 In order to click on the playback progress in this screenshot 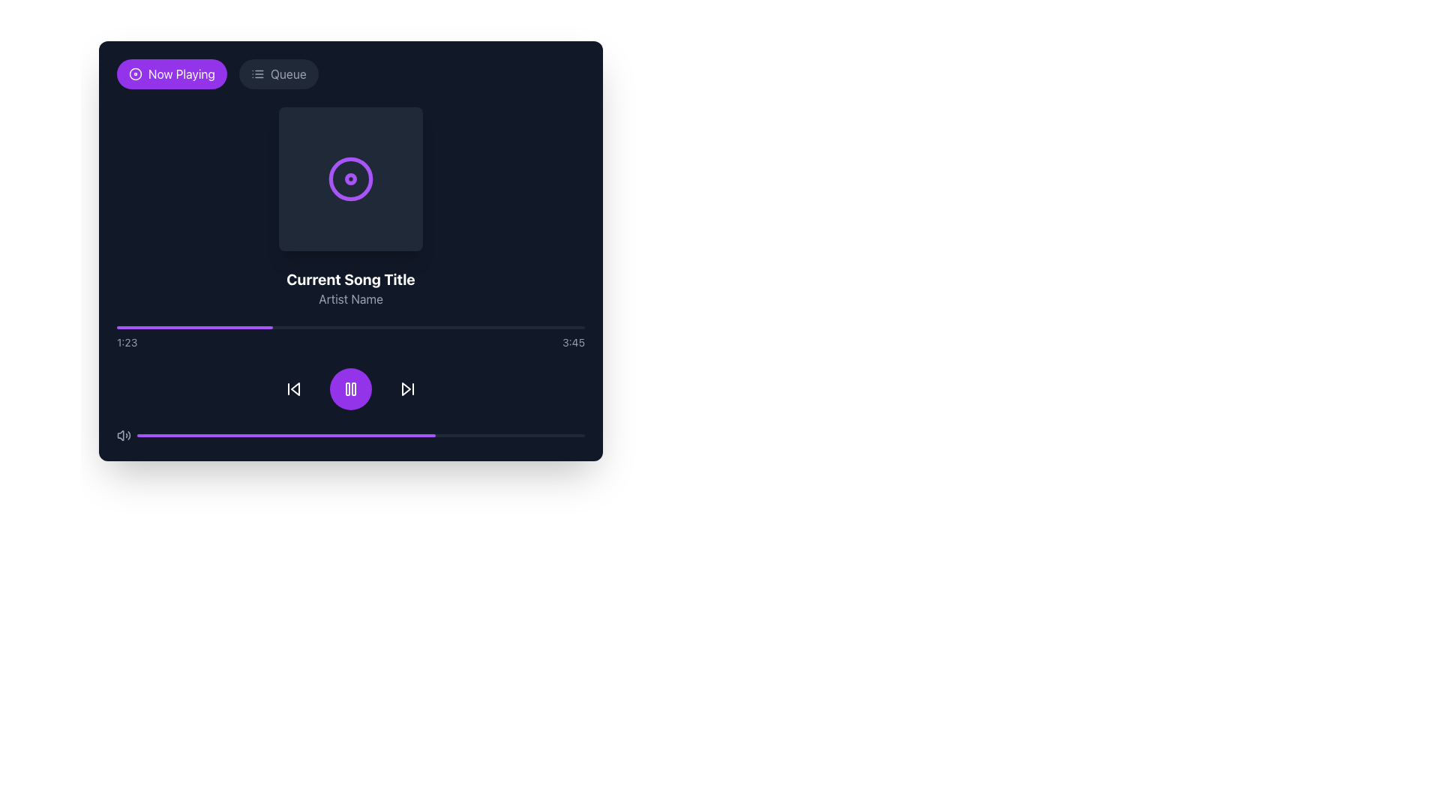, I will do `click(233, 326)`.